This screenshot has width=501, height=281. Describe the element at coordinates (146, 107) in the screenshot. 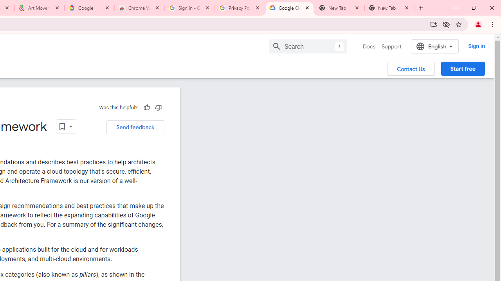

I see `'Helpful'` at that location.